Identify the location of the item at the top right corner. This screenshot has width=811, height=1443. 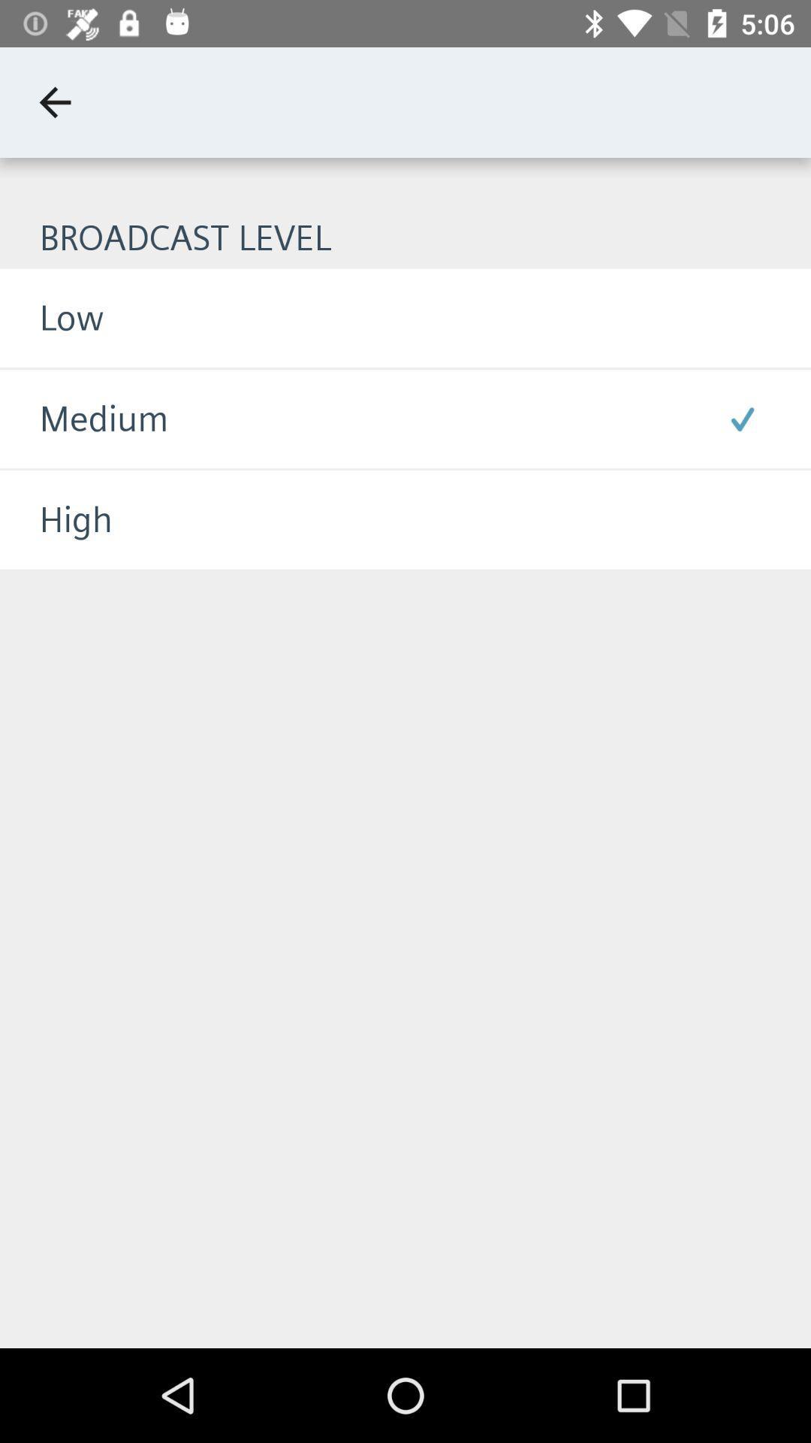
(741, 419).